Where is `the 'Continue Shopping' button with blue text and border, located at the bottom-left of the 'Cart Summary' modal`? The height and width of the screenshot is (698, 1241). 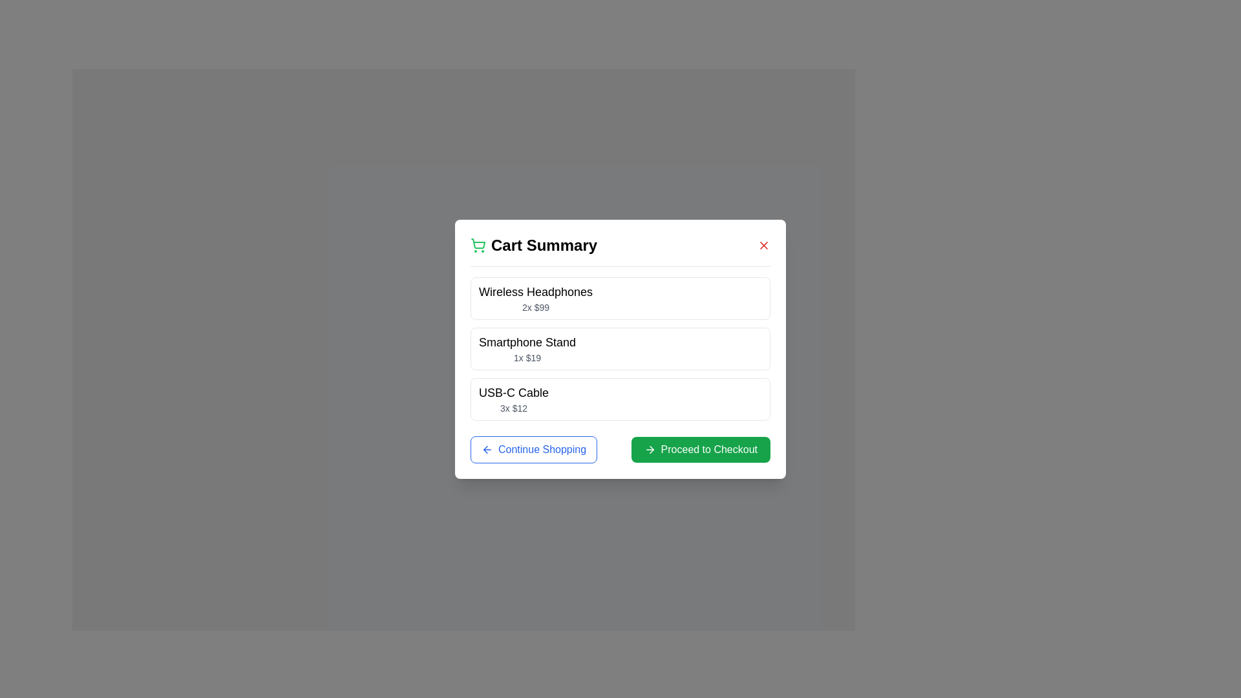 the 'Continue Shopping' button with blue text and border, located at the bottom-left of the 'Cart Summary' modal is located at coordinates (533, 449).